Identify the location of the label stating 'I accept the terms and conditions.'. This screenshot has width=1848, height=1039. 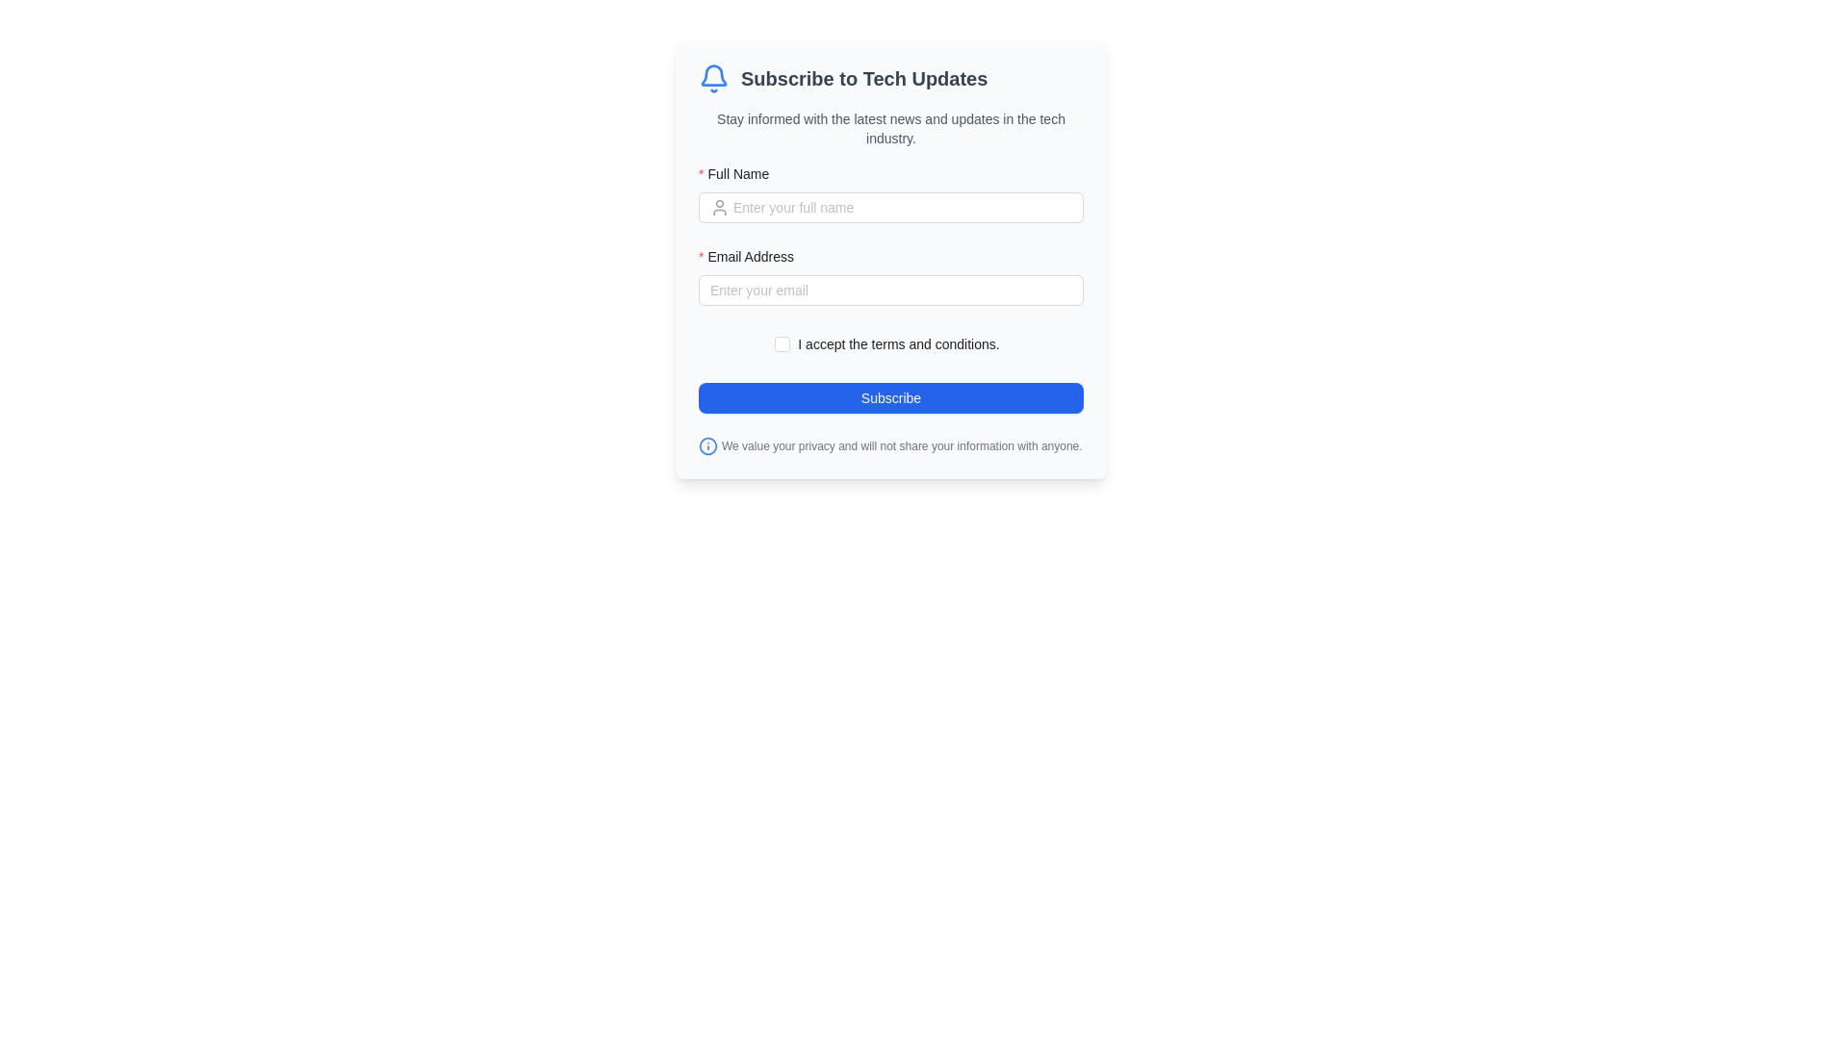
(898, 343).